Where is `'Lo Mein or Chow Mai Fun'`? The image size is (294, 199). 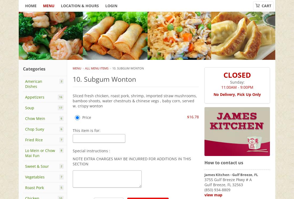 'Lo Mein or Chow Mai Fun' is located at coordinates (25, 153).